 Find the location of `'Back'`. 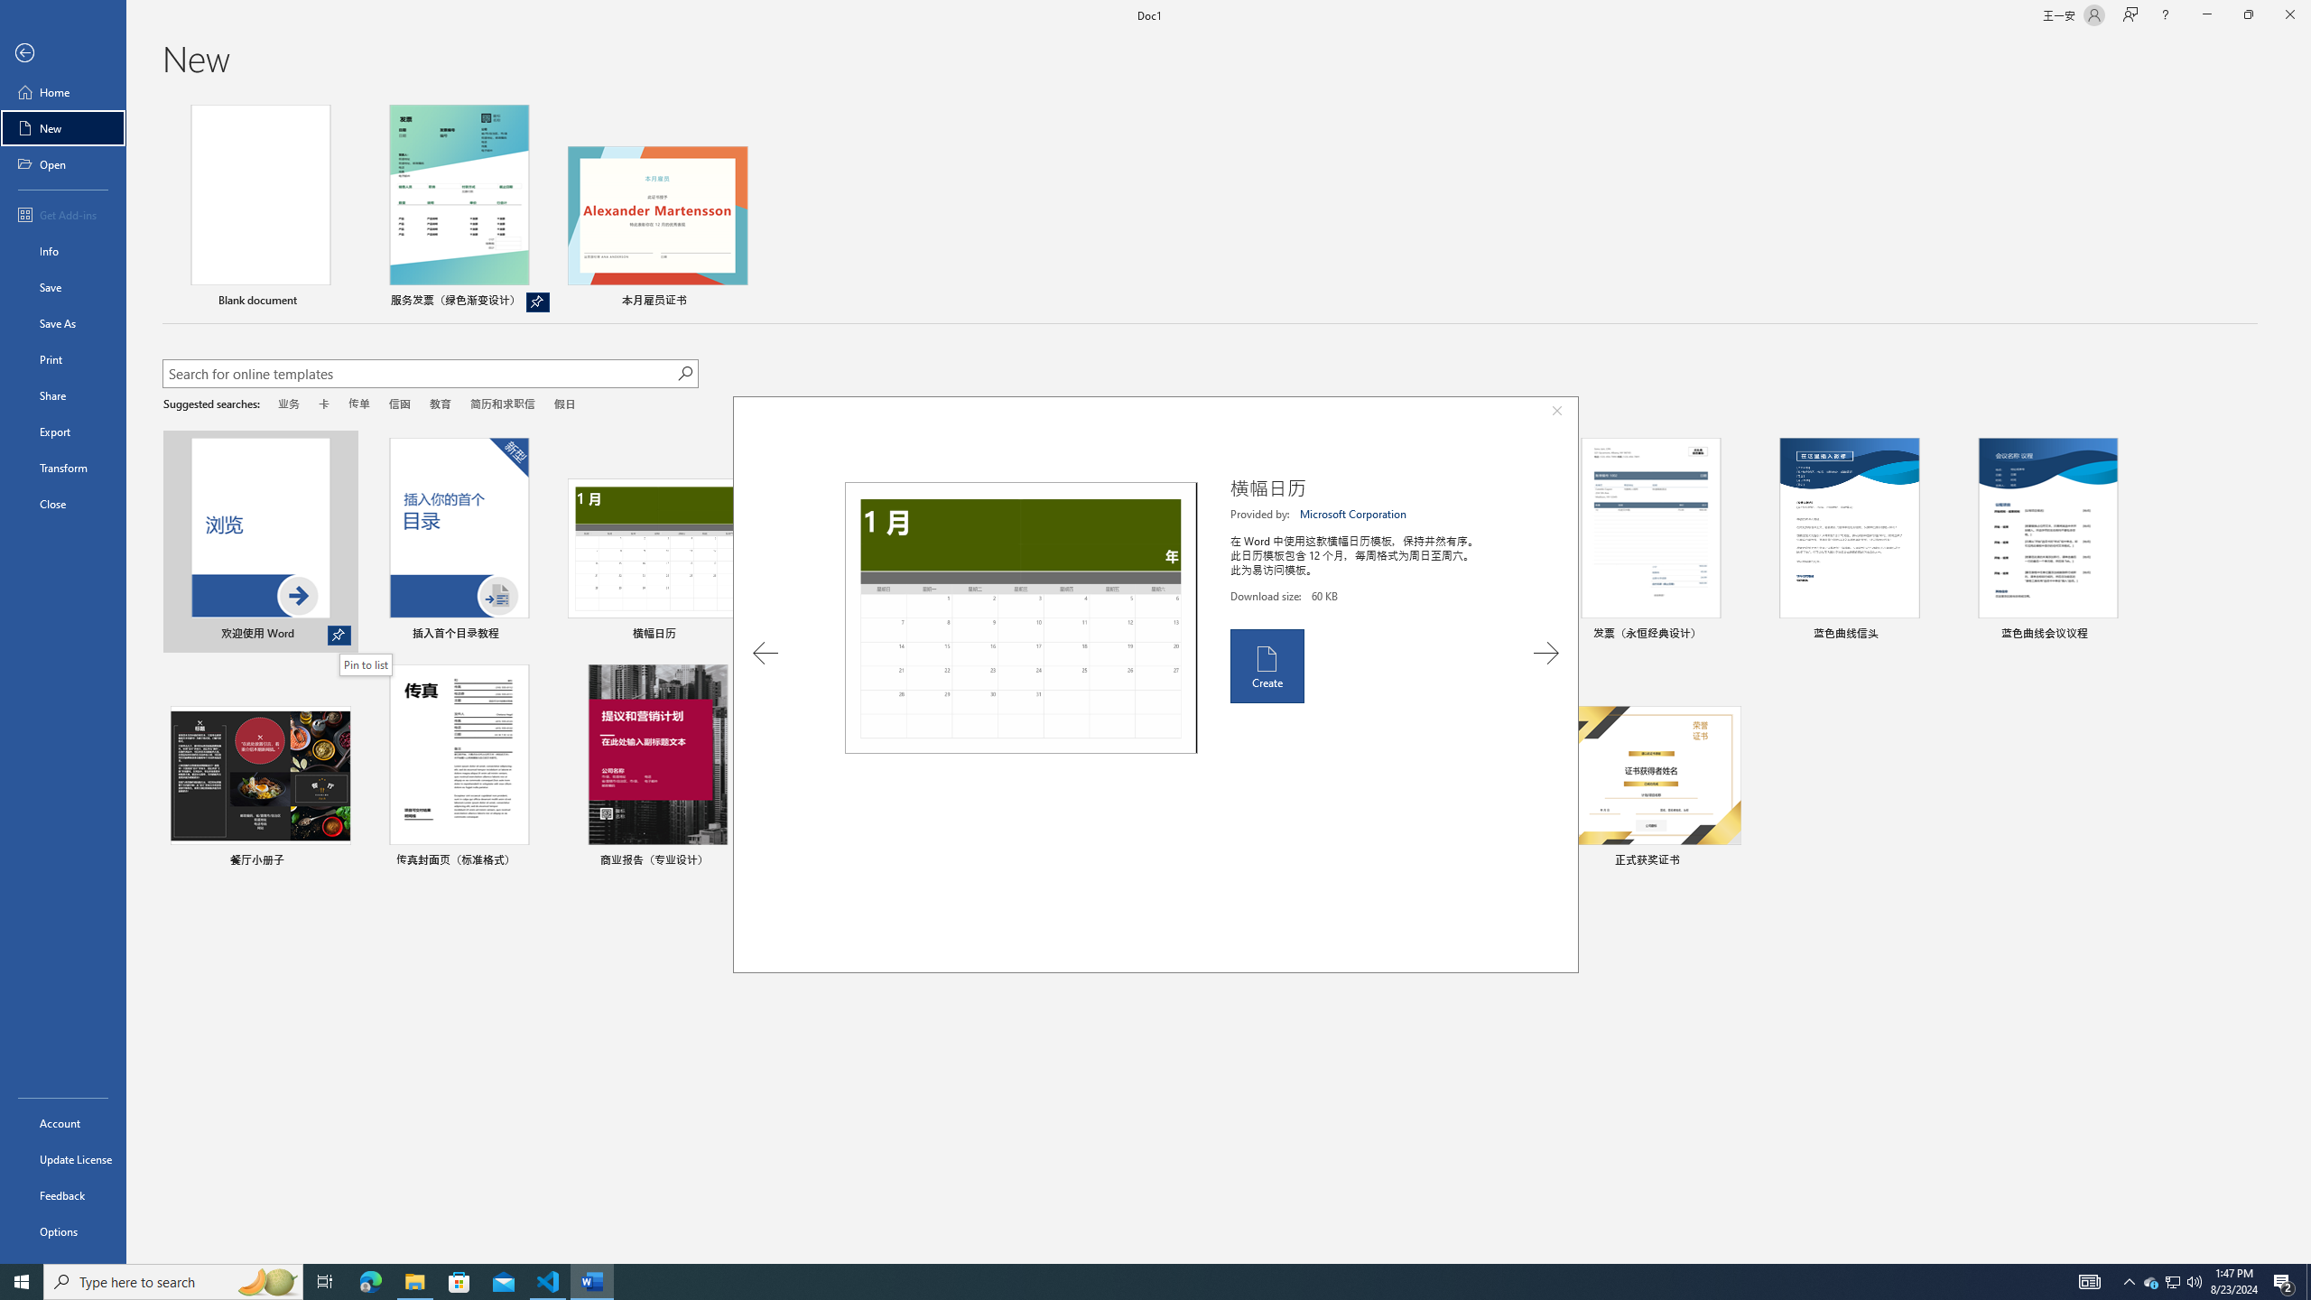

'Back' is located at coordinates (62, 52).